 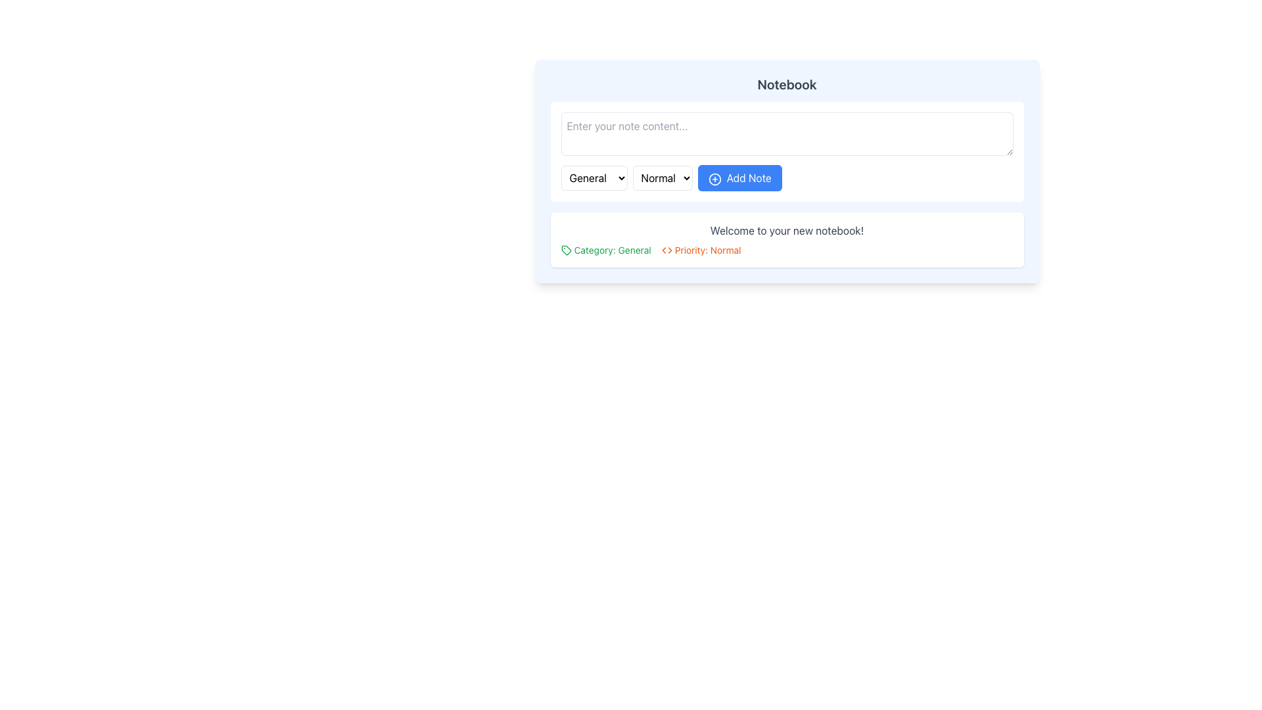 I want to click on the 'Add Note' button located to the right of the 'Normal' dropdown, so click(x=739, y=177).